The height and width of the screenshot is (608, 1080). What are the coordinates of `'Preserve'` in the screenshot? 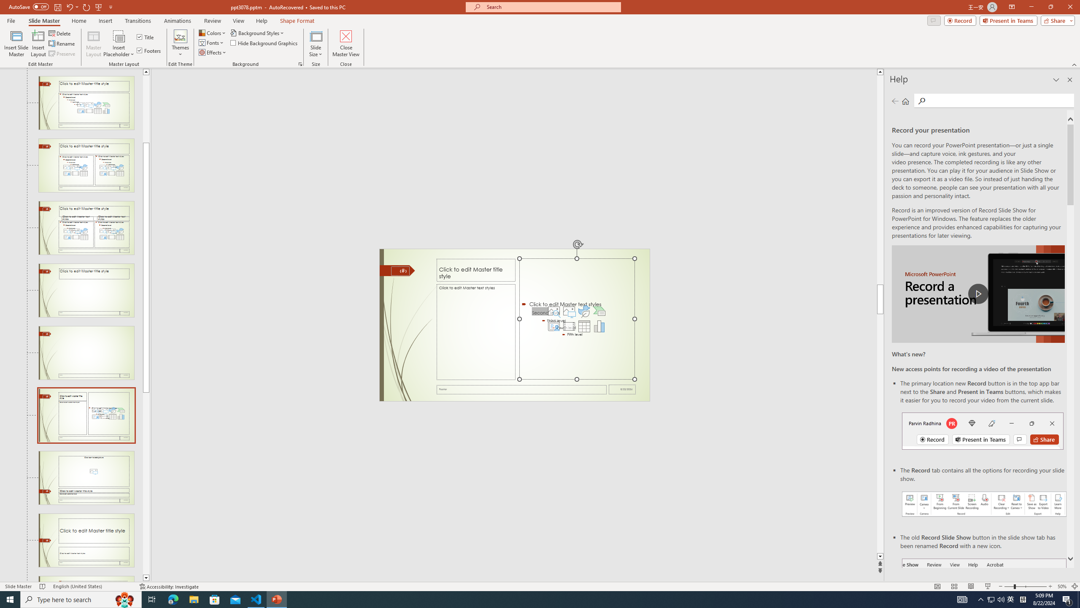 It's located at (62, 54).